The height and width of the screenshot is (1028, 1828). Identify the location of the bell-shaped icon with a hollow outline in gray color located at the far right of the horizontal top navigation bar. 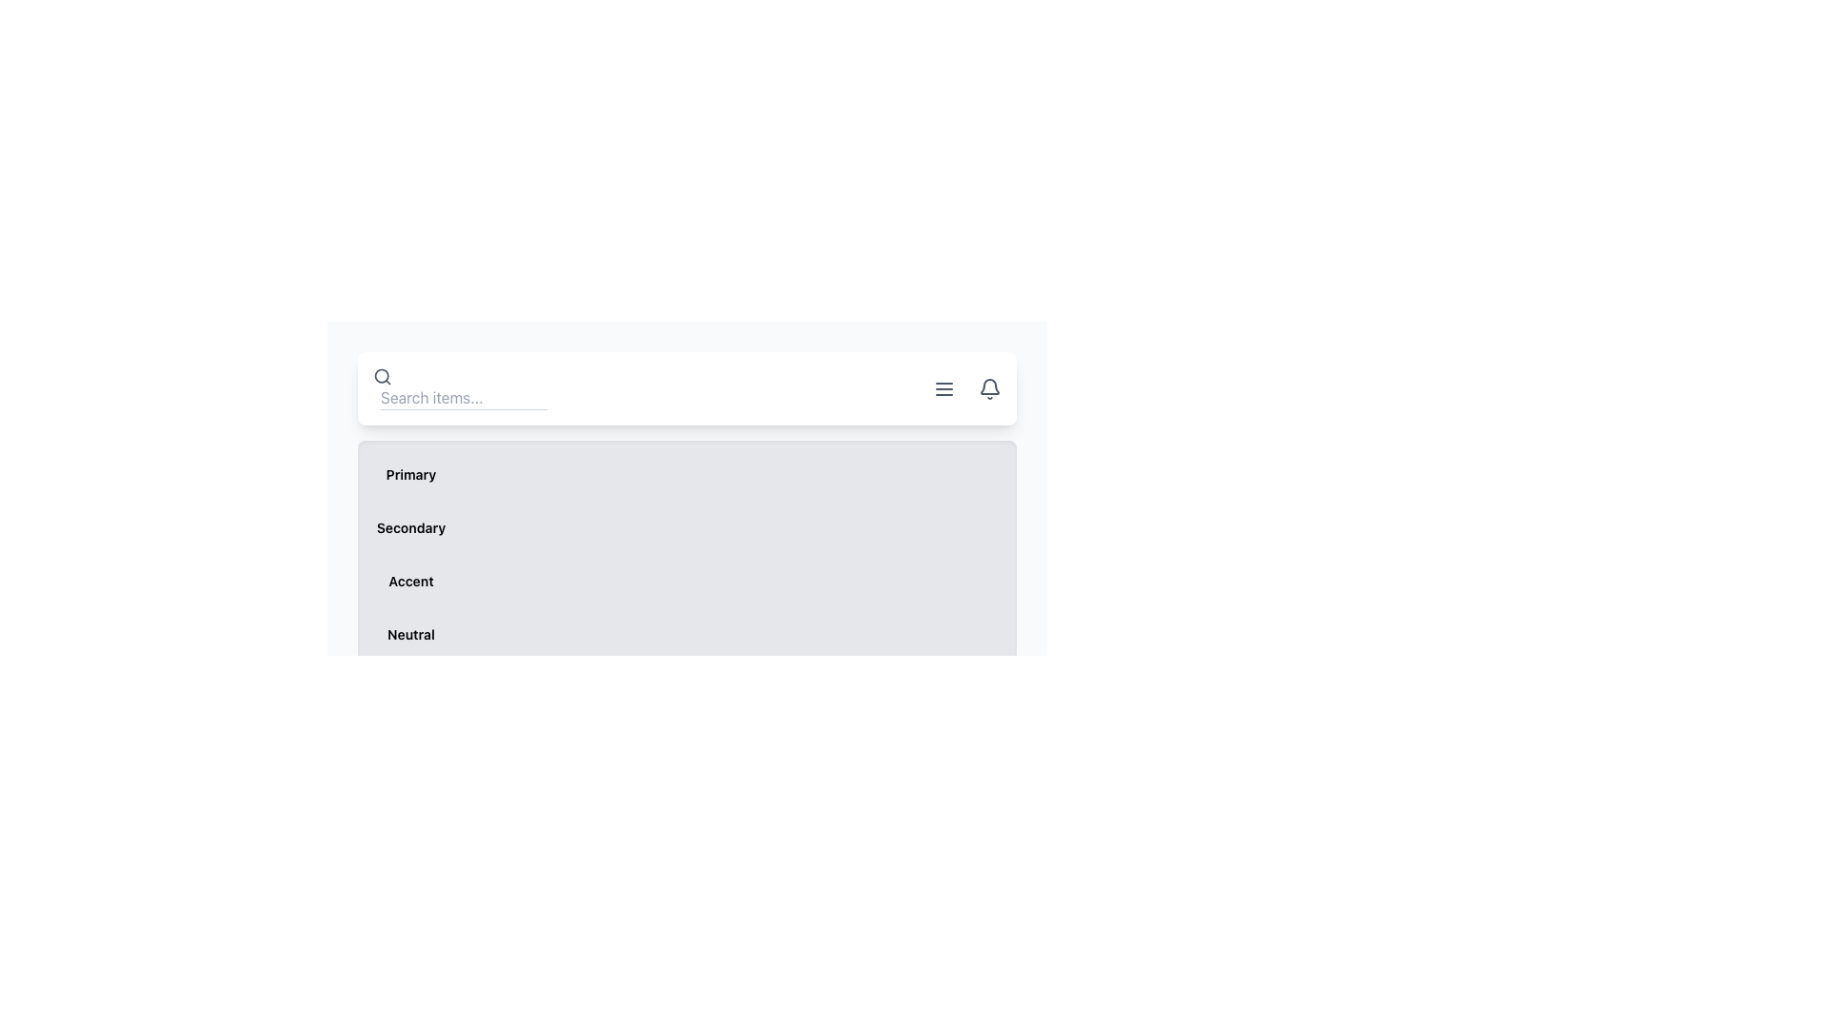
(990, 387).